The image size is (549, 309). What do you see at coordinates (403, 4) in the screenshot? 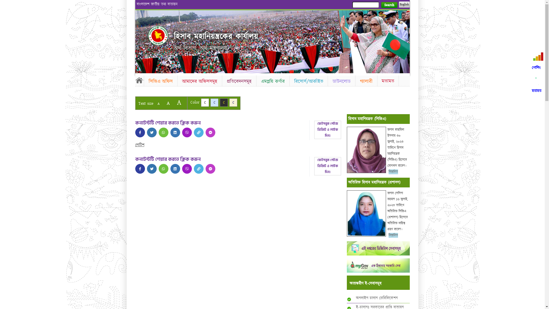
I see `'English'` at bounding box center [403, 4].